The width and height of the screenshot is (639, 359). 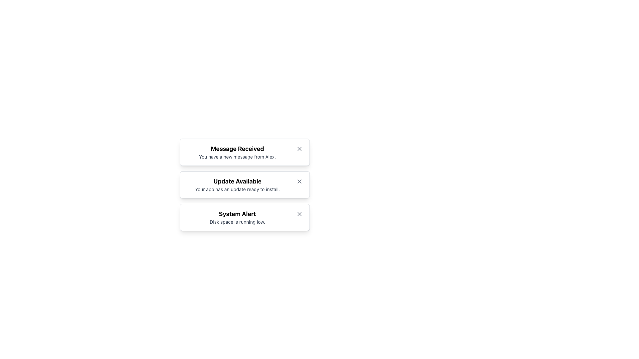 What do you see at coordinates (299, 148) in the screenshot?
I see `the Close Button located at the top-right corner of the 'Message Received' notification card` at bounding box center [299, 148].